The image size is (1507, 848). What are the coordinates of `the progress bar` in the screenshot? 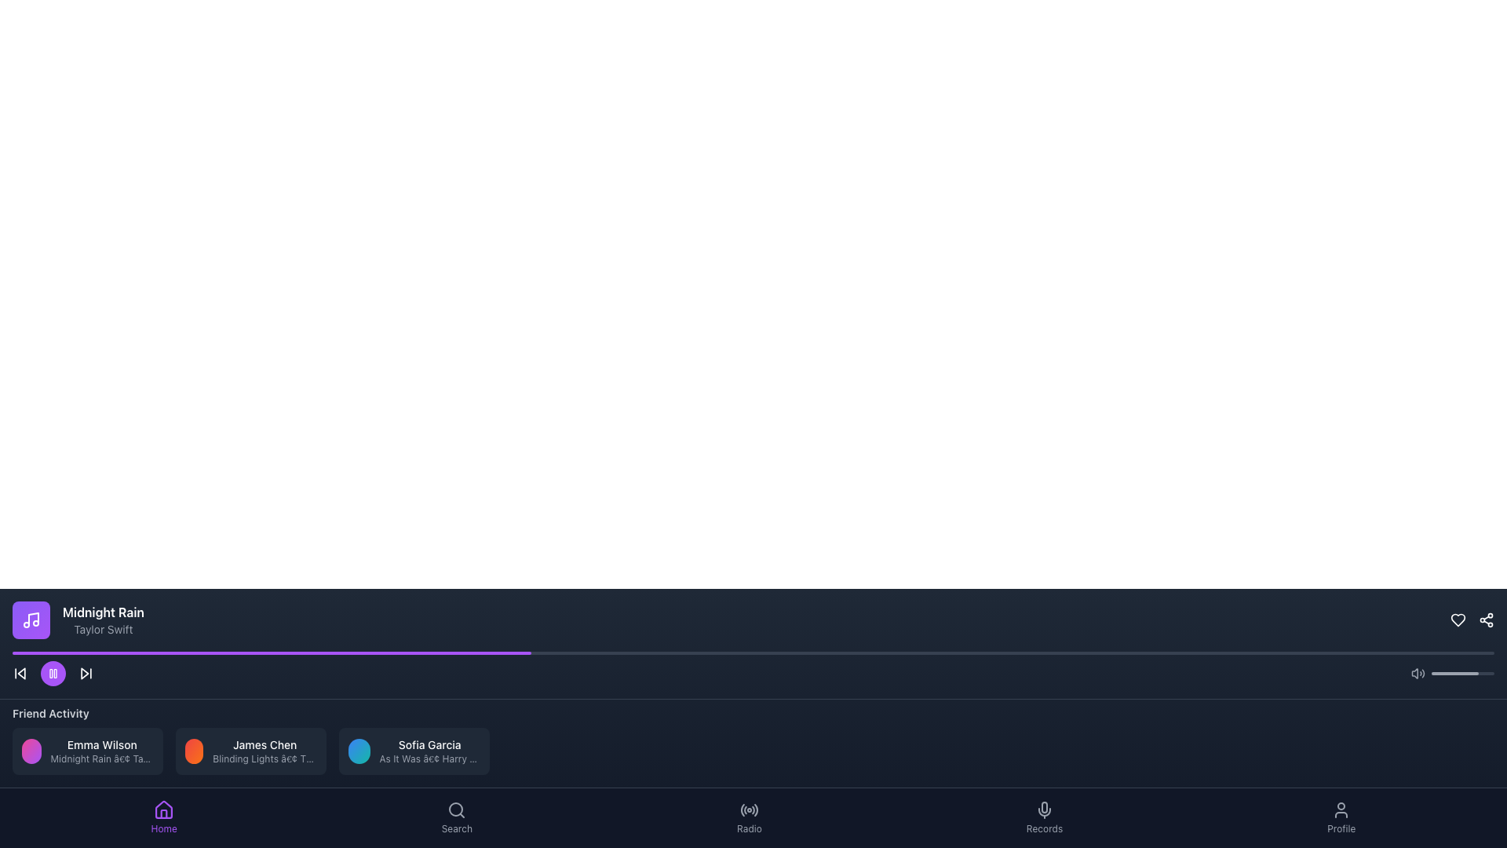 It's located at (354, 653).